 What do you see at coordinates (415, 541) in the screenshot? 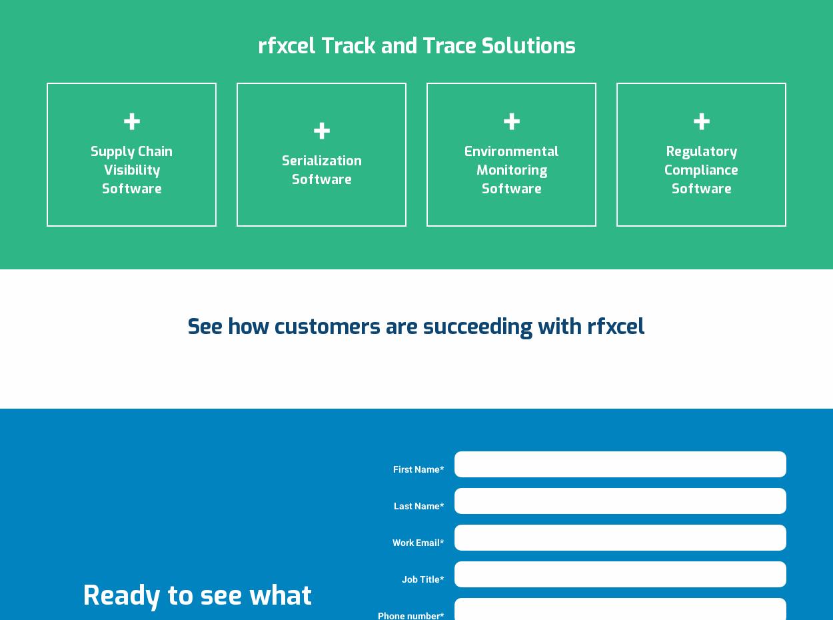
I see `'Work Email'` at bounding box center [415, 541].